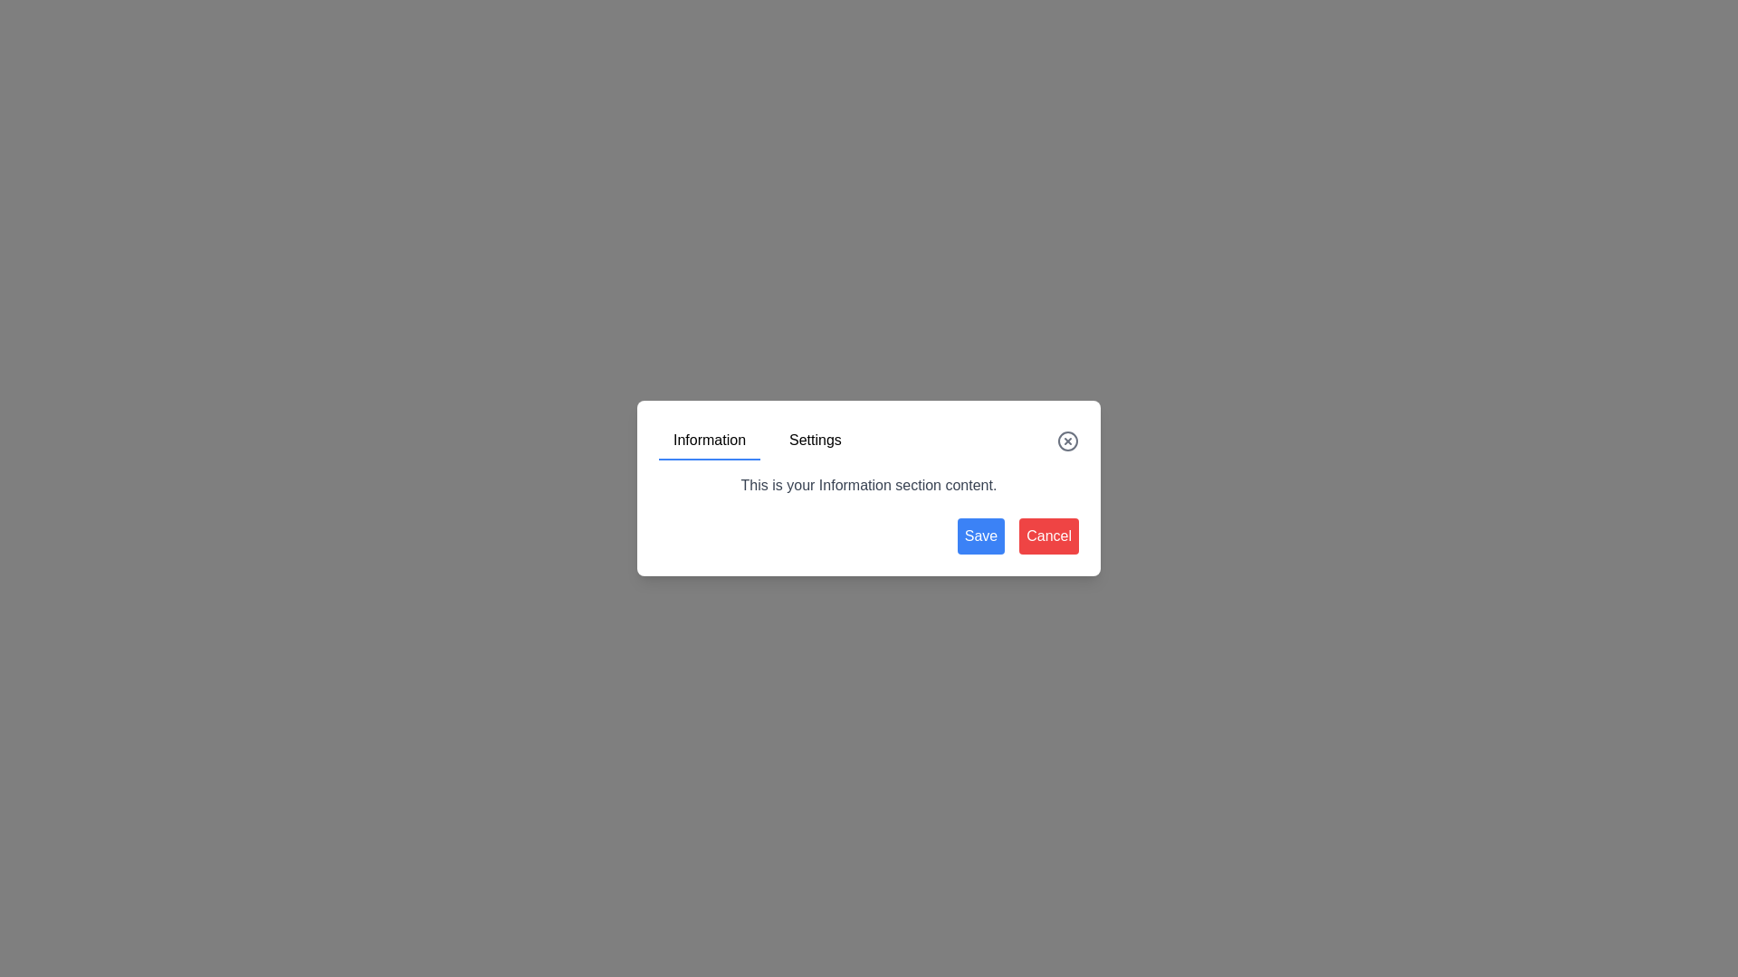 This screenshot has width=1738, height=977. I want to click on the 'Save' button located at the bottom right corner of the dialog box, which is the leftmost button next to the red 'Cancel' button, so click(980, 536).